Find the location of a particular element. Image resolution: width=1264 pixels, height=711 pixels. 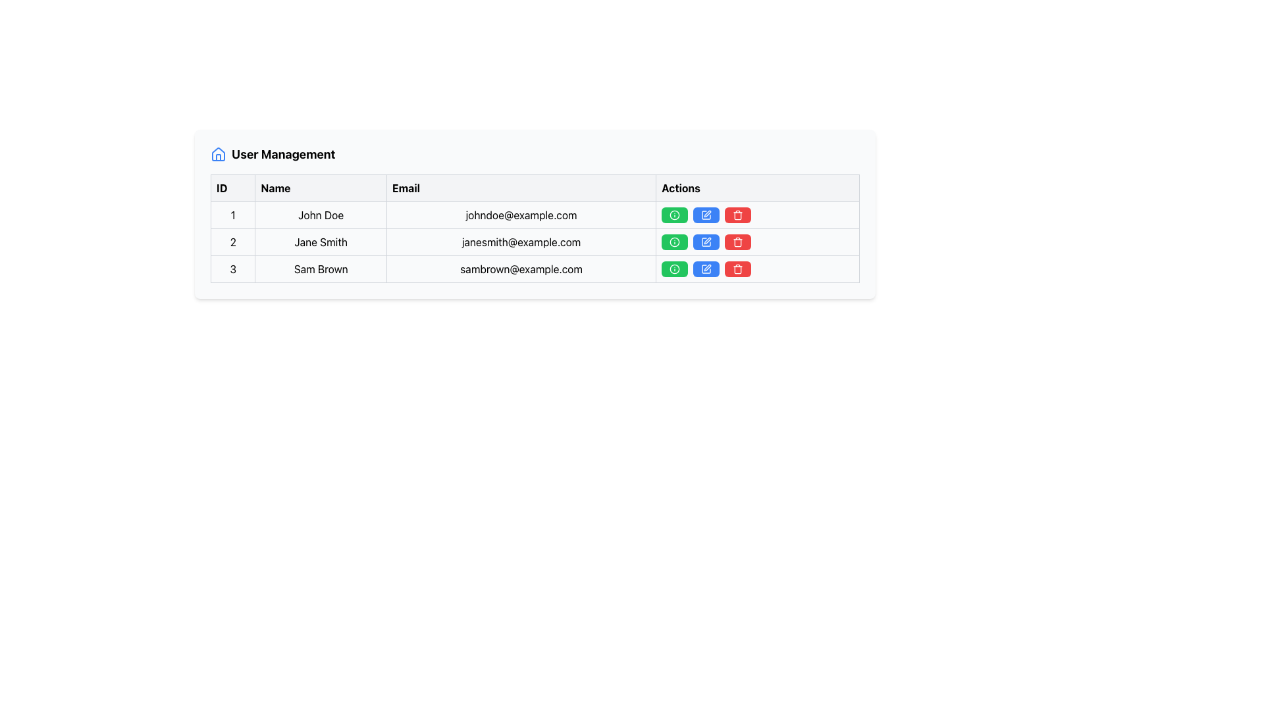

the red delete button in the Actions column of the second row for the user 'Jane Smith' is located at coordinates (758, 242).